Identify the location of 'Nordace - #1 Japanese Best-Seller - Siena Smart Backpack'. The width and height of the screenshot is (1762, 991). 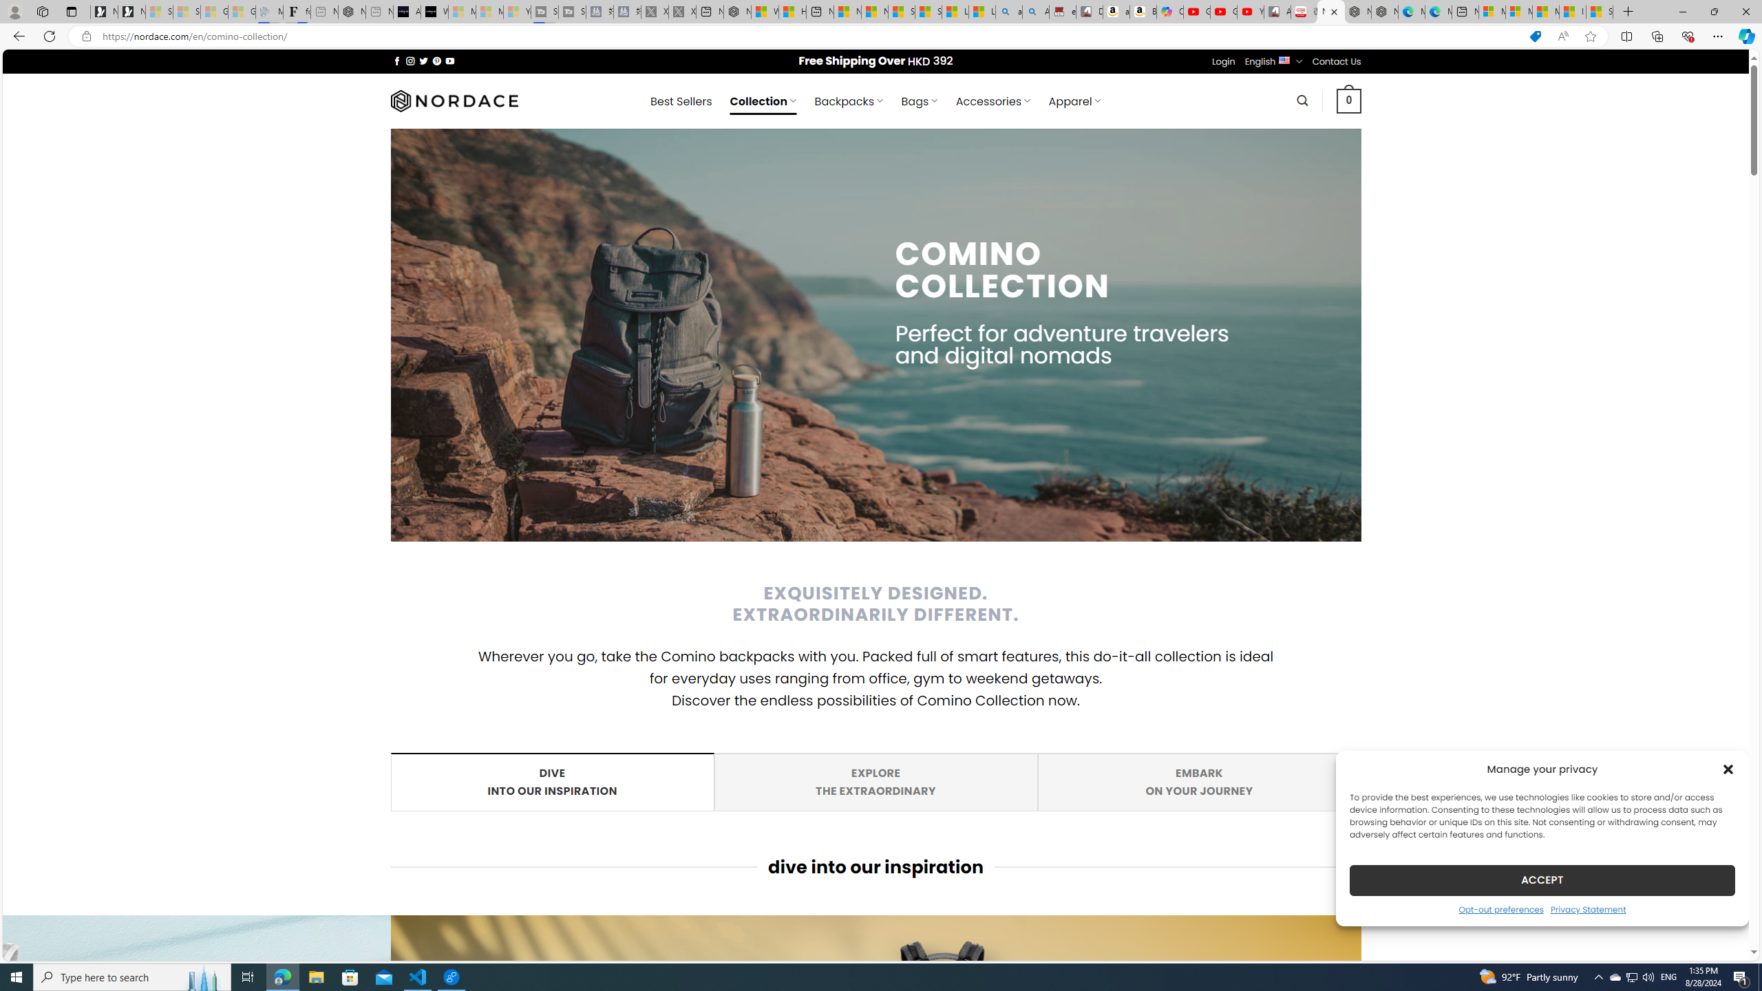
(352, 11).